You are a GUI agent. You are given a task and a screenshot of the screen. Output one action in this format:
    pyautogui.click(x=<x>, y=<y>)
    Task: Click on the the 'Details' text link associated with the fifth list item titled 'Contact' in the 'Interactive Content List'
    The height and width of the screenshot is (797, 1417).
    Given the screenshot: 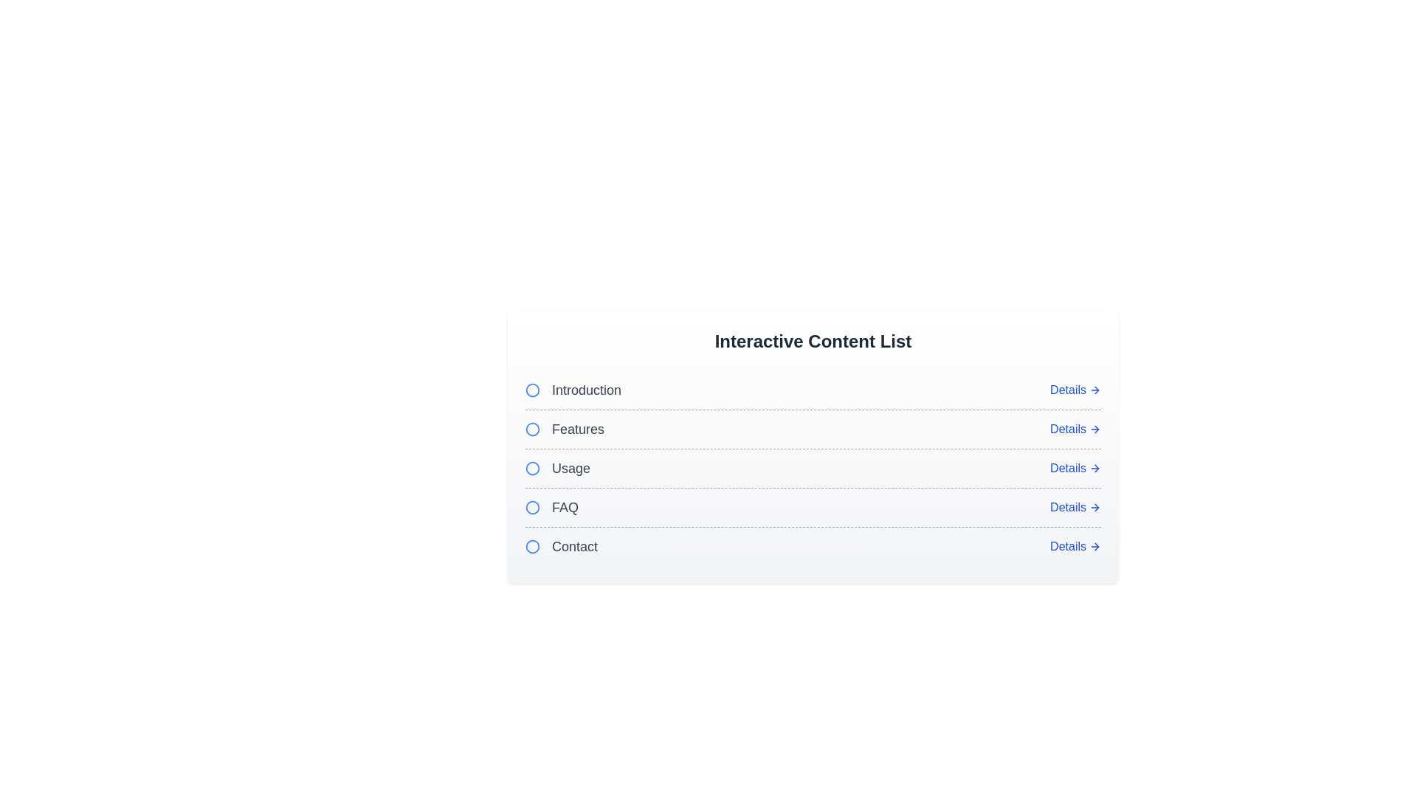 What is the action you would take?
    pyautogui.click(x=1068, y=506)
    